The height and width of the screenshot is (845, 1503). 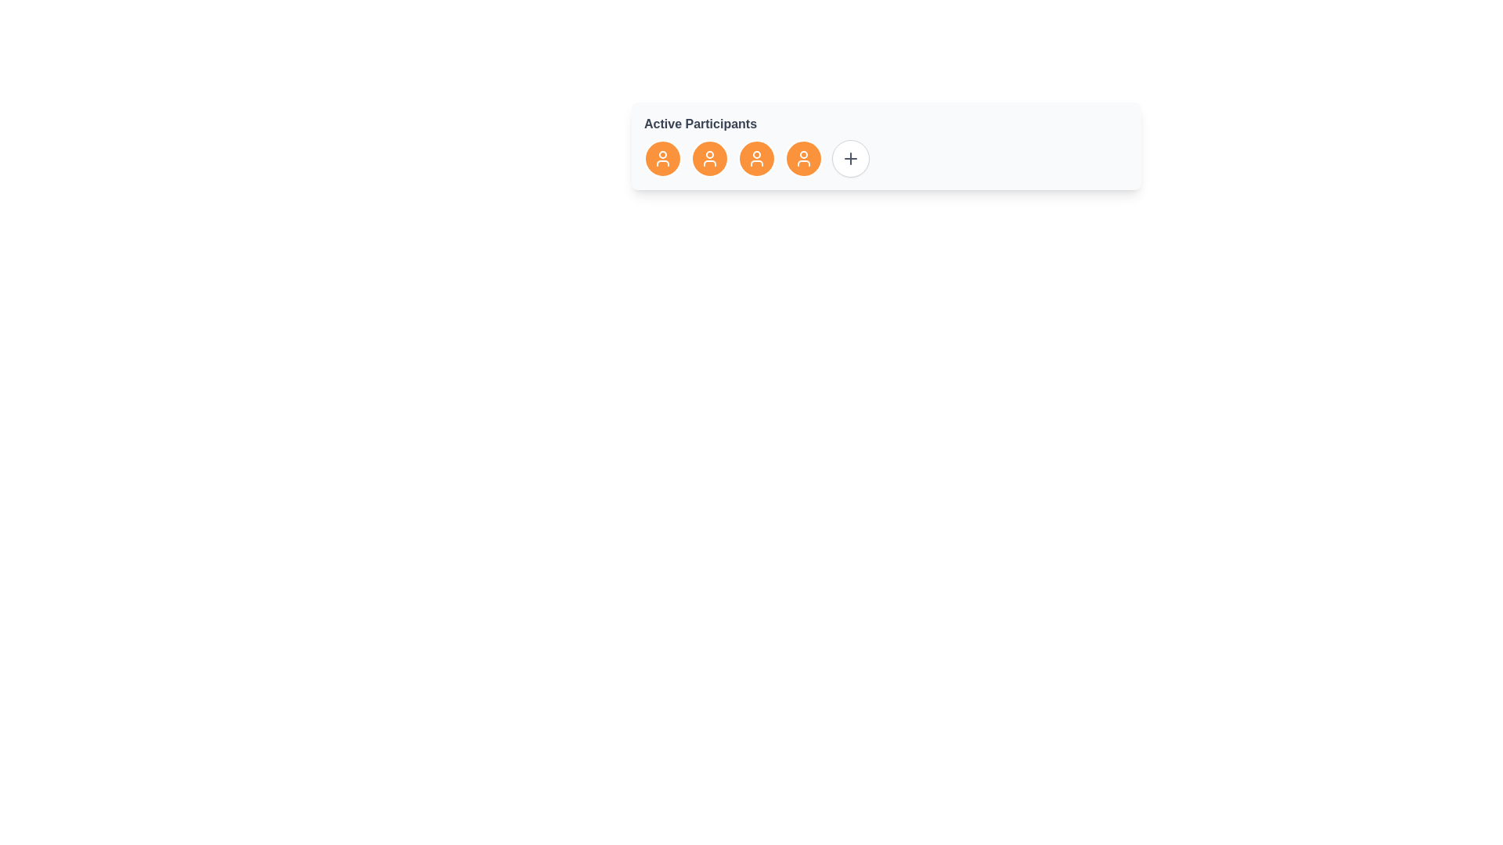 I want to click on the 'Add Participant' button located at the far-right side of the 'Active Participants' section, so click(x=849, y=159).